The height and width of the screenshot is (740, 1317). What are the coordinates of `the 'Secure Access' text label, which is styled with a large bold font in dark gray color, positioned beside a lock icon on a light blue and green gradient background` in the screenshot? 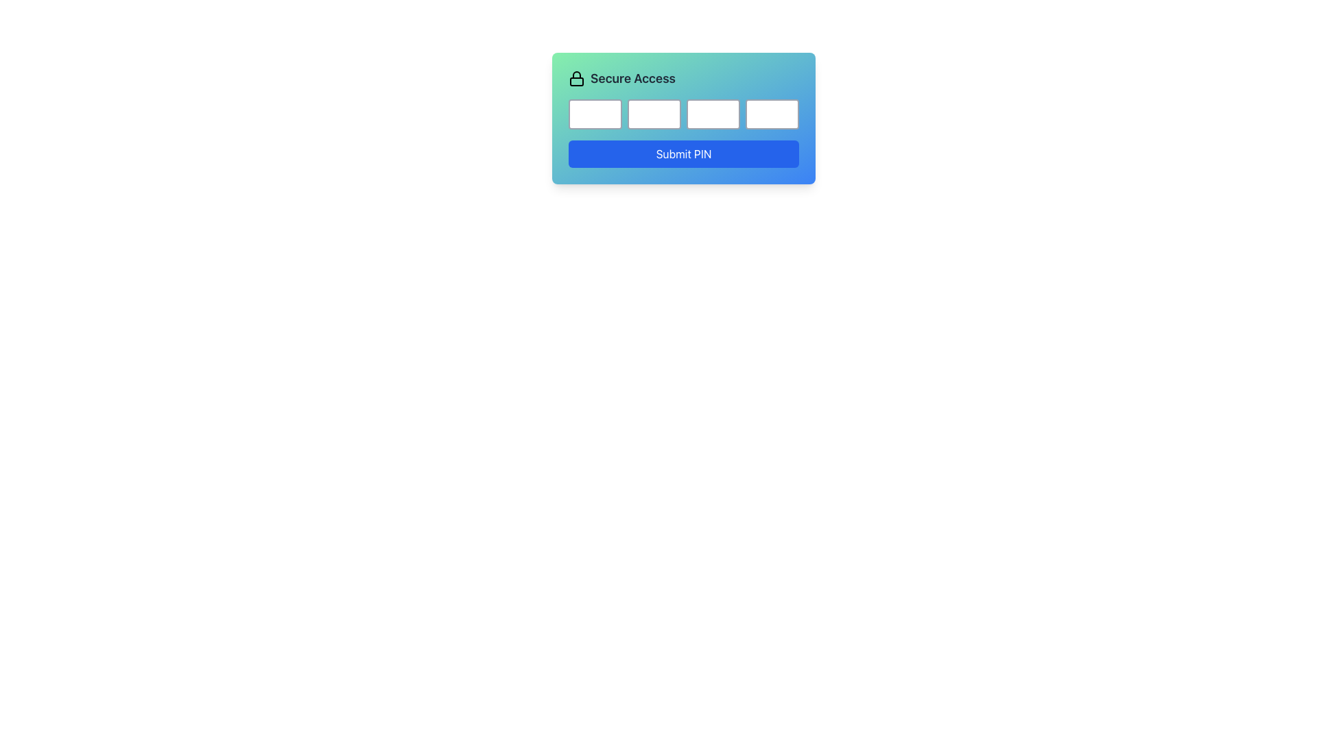 It's located at (632, 79).